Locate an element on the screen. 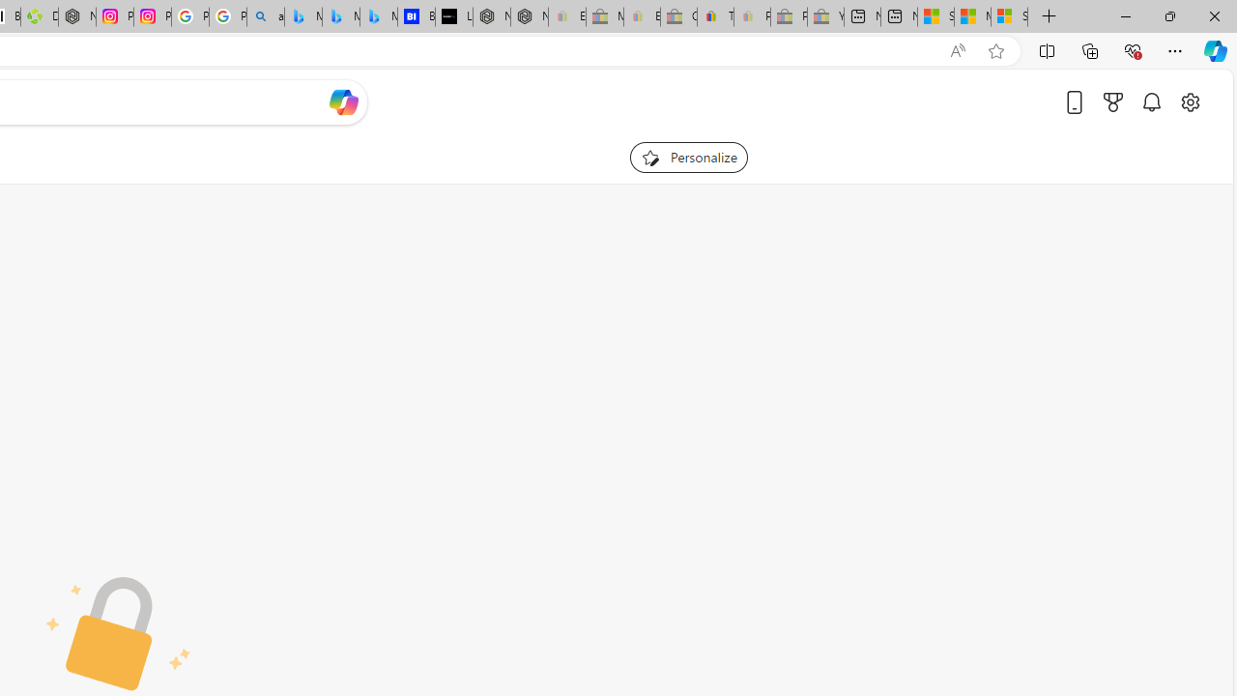  'Personalize your feed"' is located at coordinates (688, 157).